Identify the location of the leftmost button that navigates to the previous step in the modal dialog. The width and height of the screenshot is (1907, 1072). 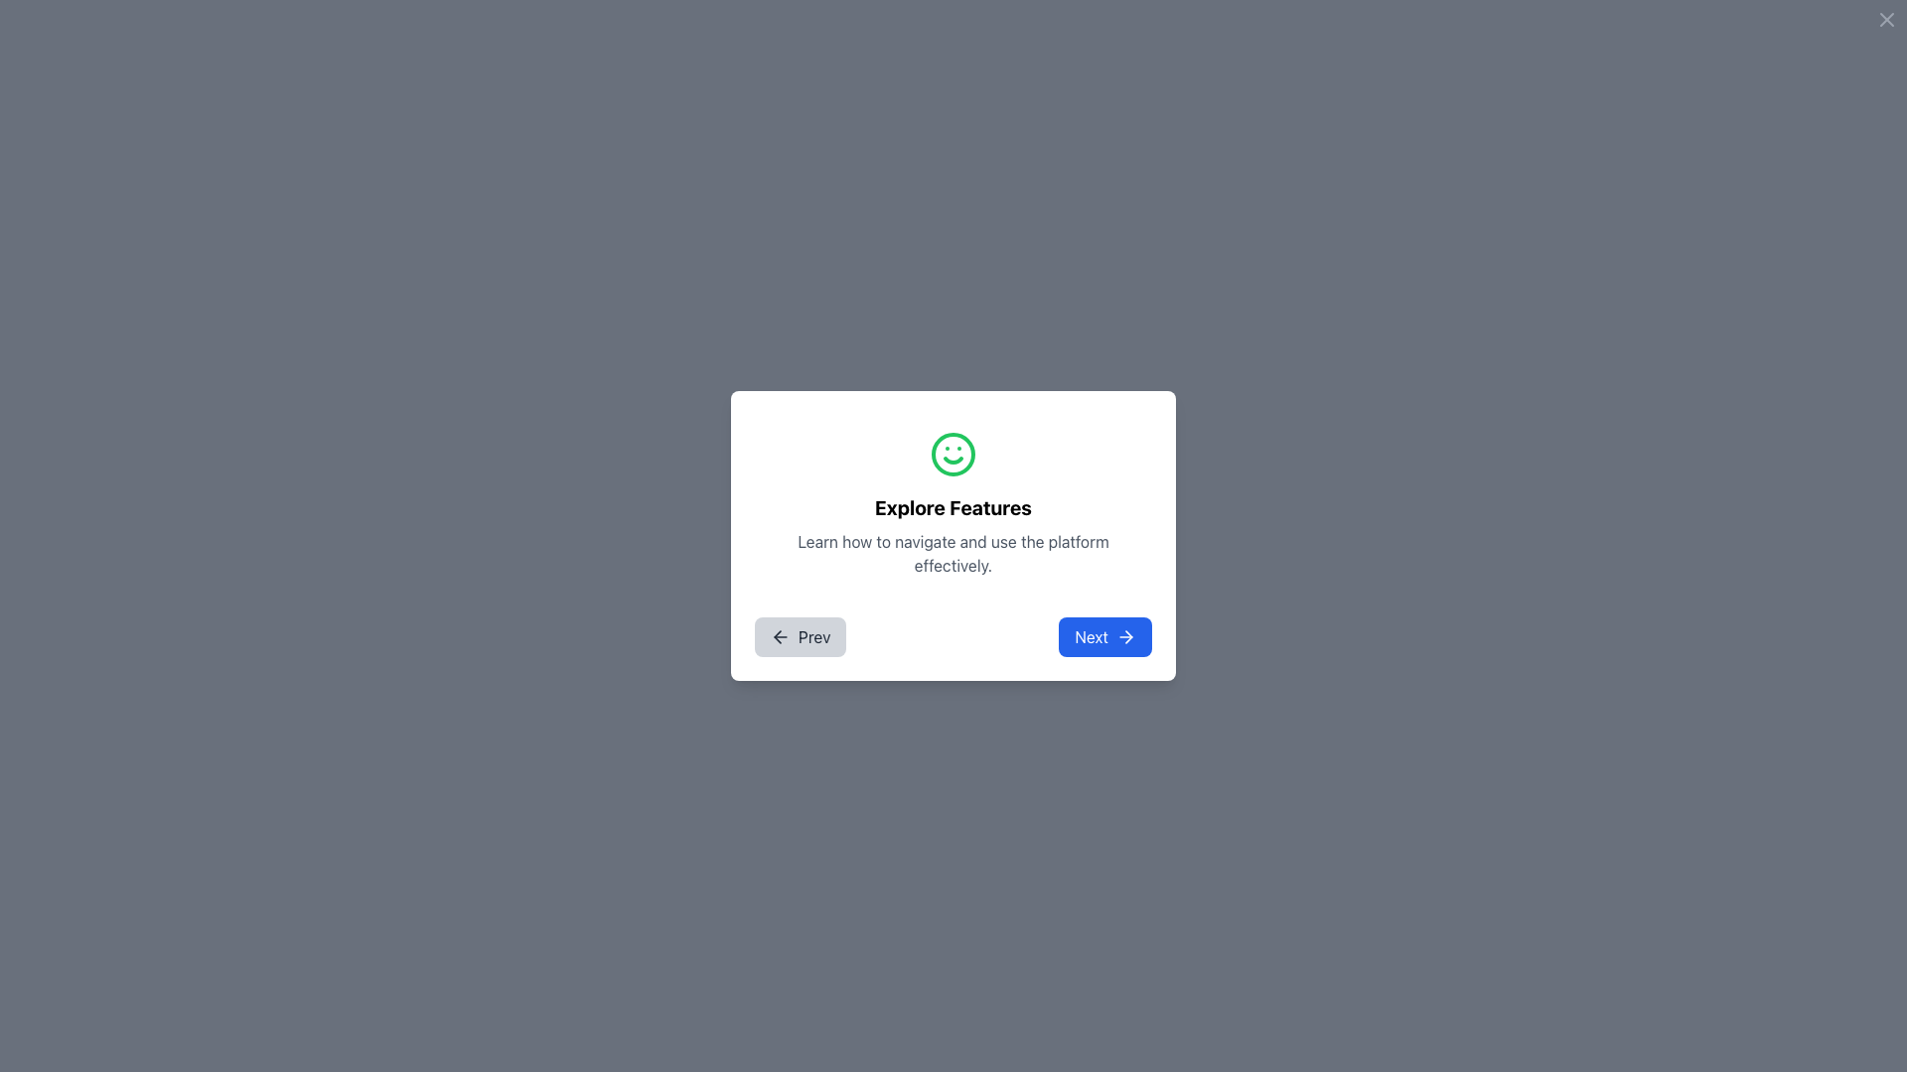
(801, 636).